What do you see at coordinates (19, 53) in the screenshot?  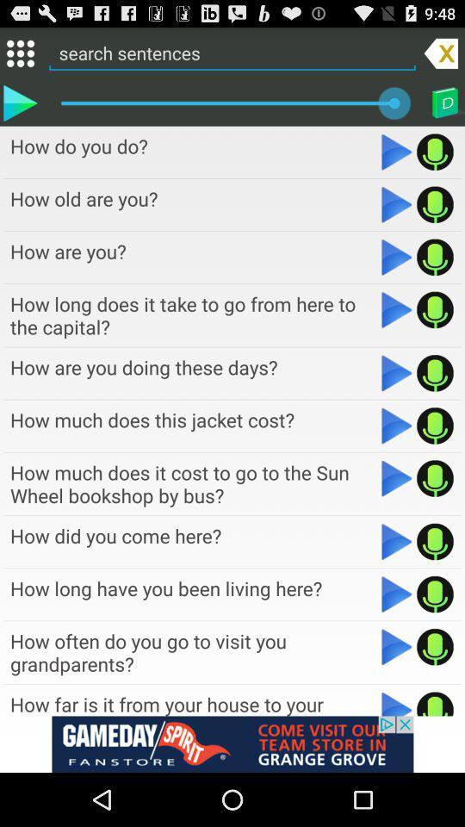 I see `icon` at bounding box center [19, 53].